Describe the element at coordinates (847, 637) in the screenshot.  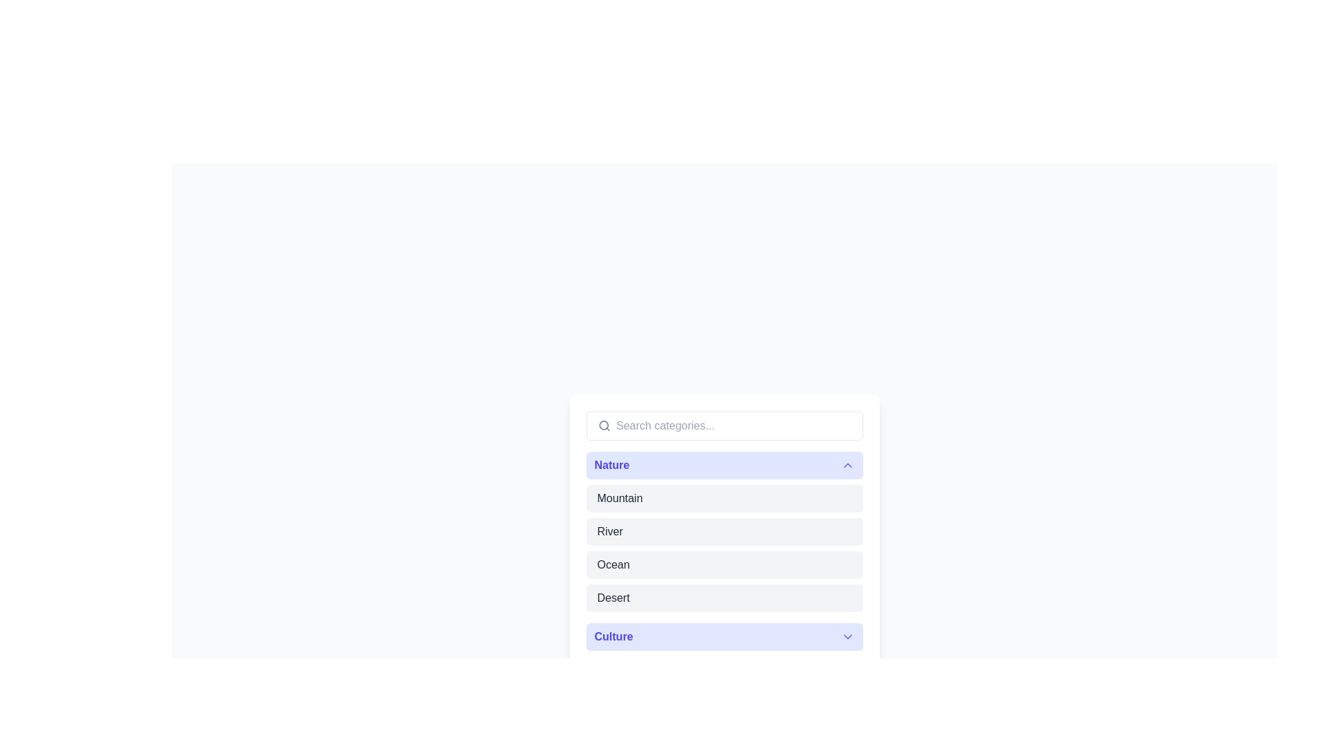
I see `the chevron icon` at that location.